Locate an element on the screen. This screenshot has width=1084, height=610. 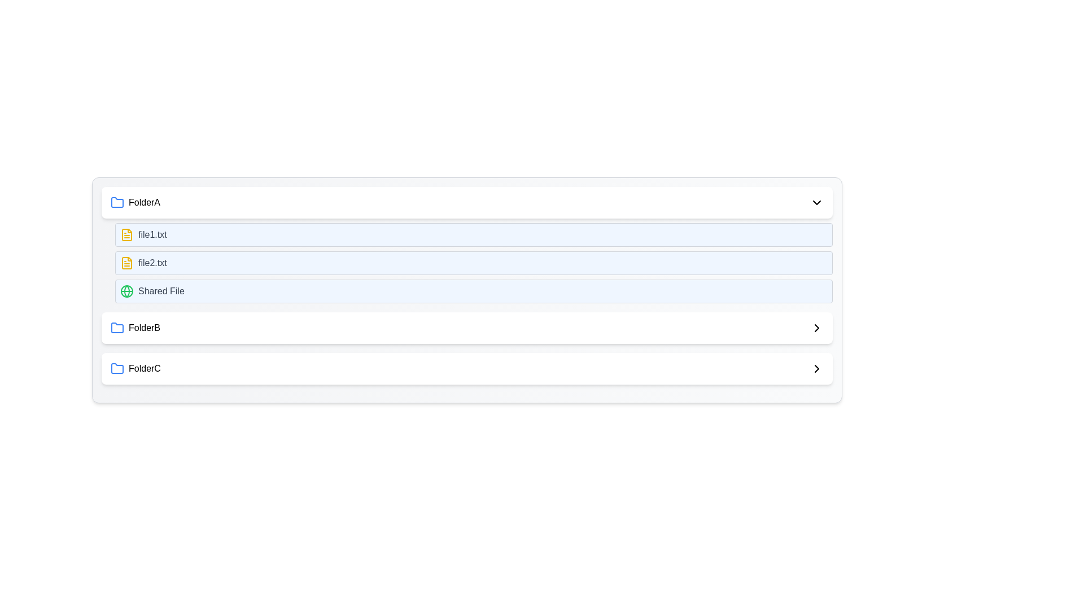
the icon that visually represents 'Shared Files,' positioned at the beginning of the 'Shared File' row, adjacent to its label is located at coordinates (127, 291).